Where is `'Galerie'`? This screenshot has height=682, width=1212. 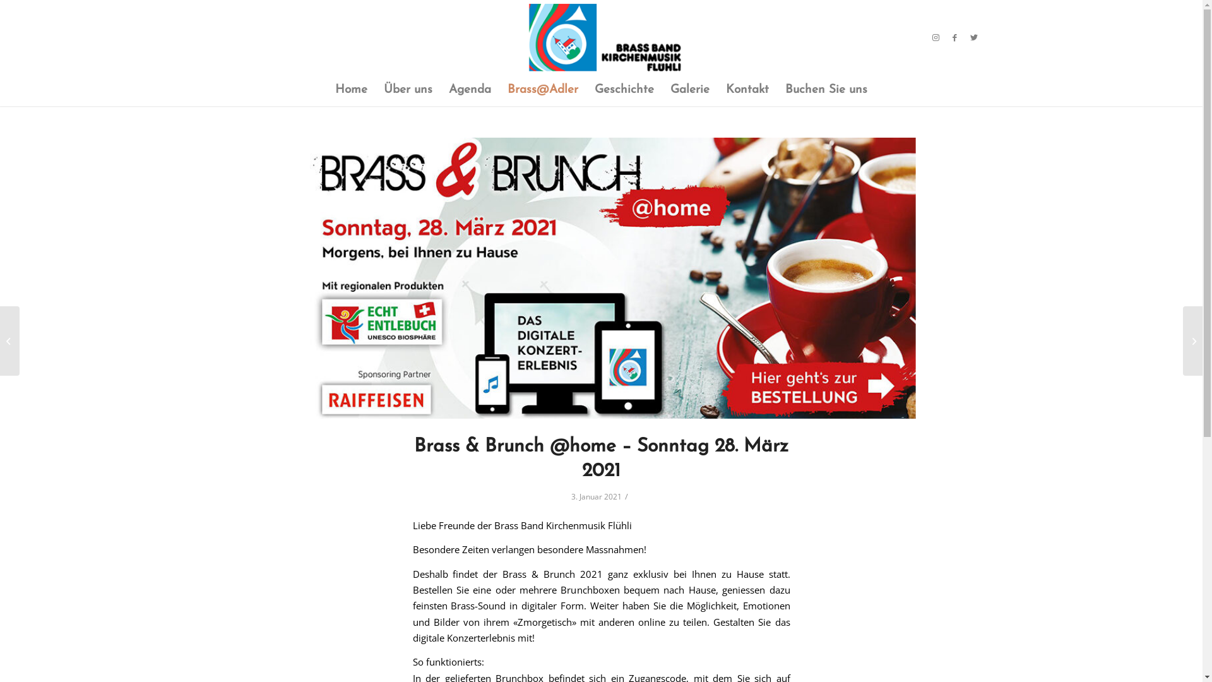 'Galerie' is located at coordinates (689, 89).